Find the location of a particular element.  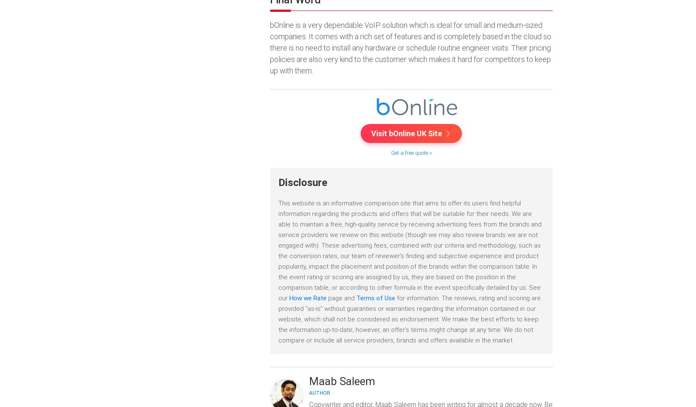

'This website is an informative comparison site that aims to offer its users find helpful information regarding the products and offers that will be suitable for their needs. We are able to maintain a free, high-quality service by receiving advertising fees from the brands and service providers we review on this website (though we may also review brands we are not engaged with). These advertising fees, combined with our criteria and methodology, such as the conversion rates, our team of reviewer's finding and subjective experience and product popularity, impact the placement and position of the brands within the comparison table. In the event rating or scoring are assigned by us, they are based on the position in the comparison table, or according to other formula in the event specifically detailed by us. See our' is located at coordinates (410, 250).